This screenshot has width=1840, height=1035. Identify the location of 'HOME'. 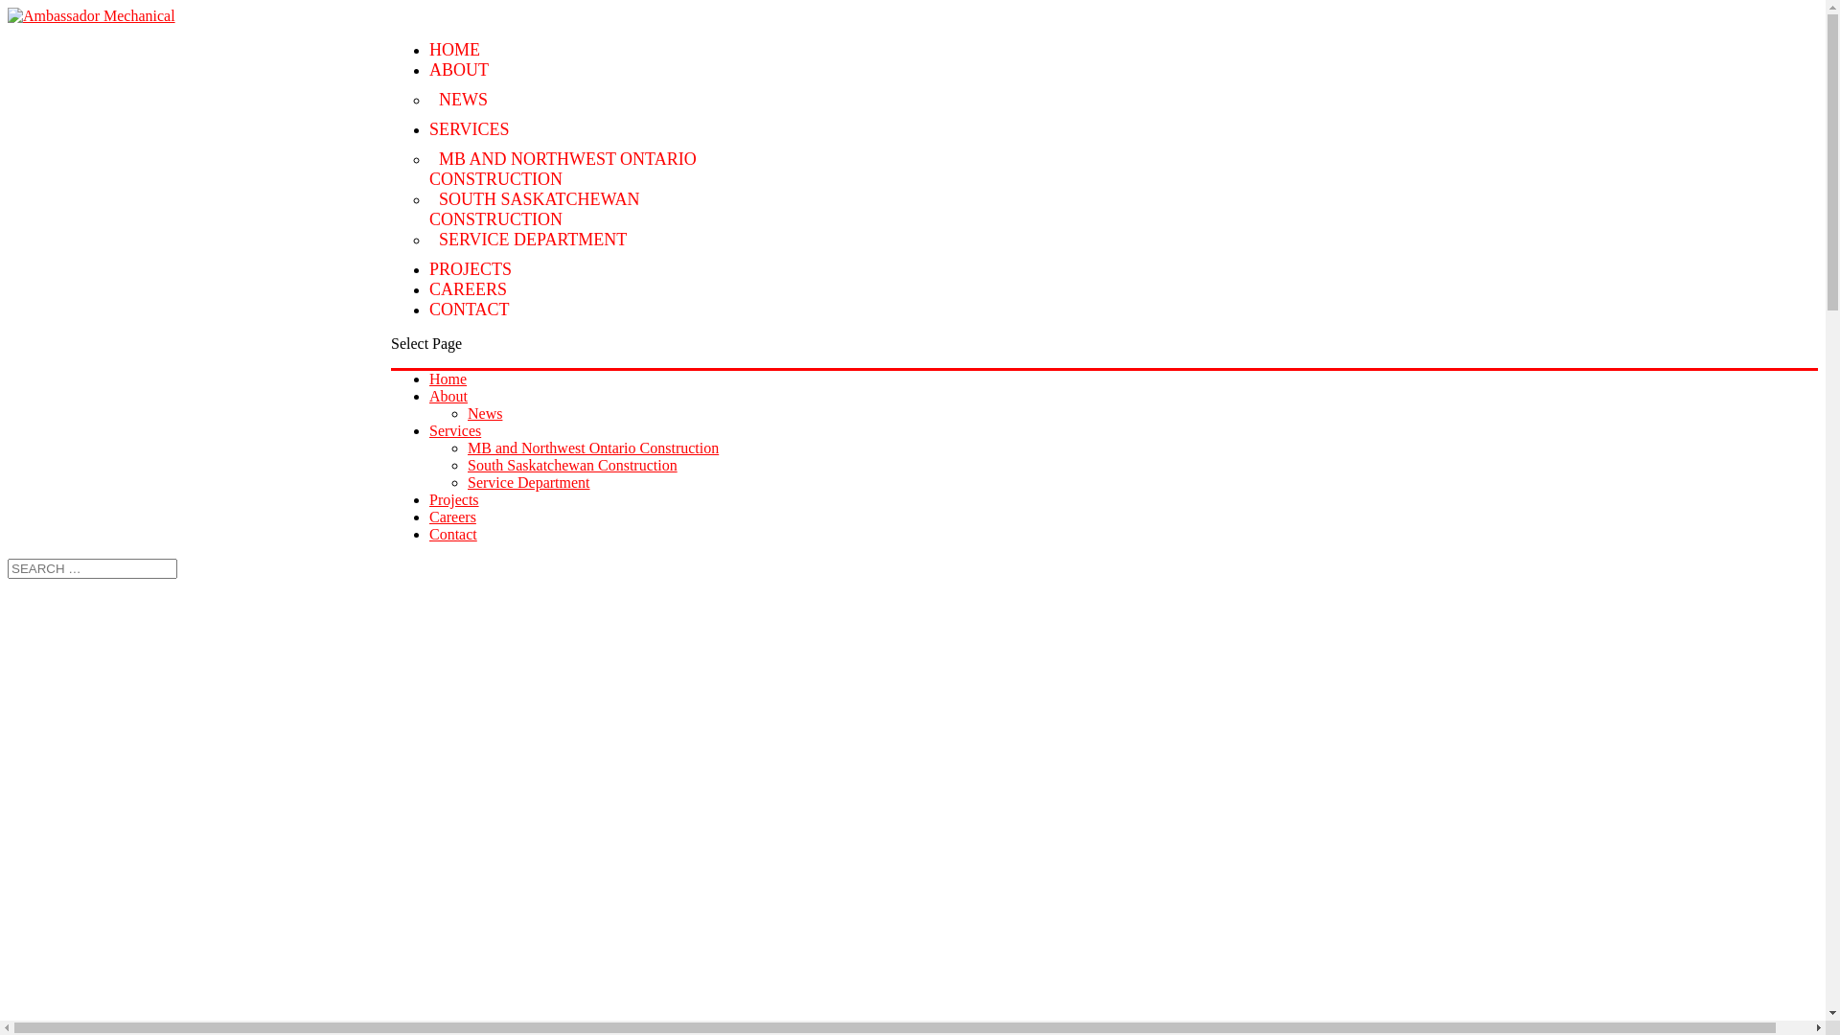
(453, 48).